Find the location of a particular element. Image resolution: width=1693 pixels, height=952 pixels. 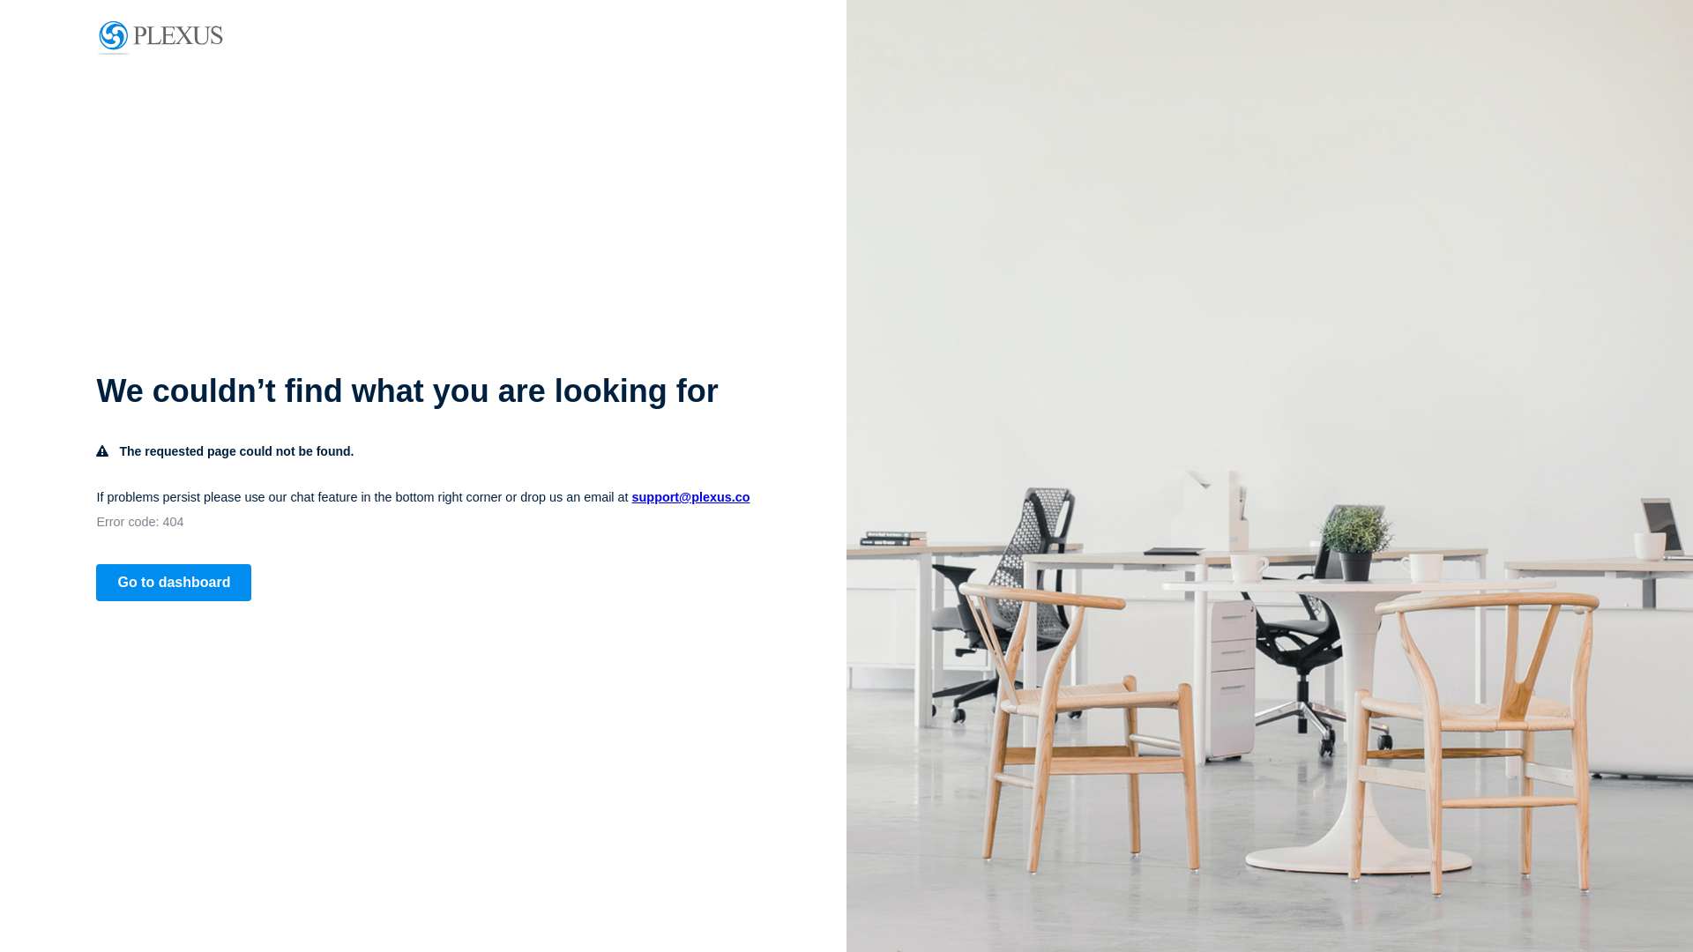

'Go to dashboard' is located at coordinates (173, 582).